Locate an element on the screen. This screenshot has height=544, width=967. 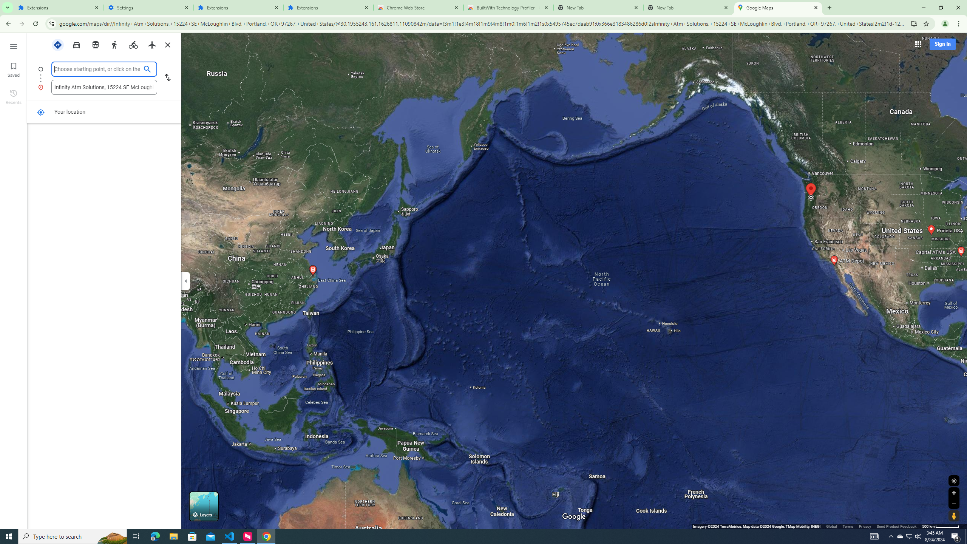
'Google Maps' is located at coordinates (778, 7).